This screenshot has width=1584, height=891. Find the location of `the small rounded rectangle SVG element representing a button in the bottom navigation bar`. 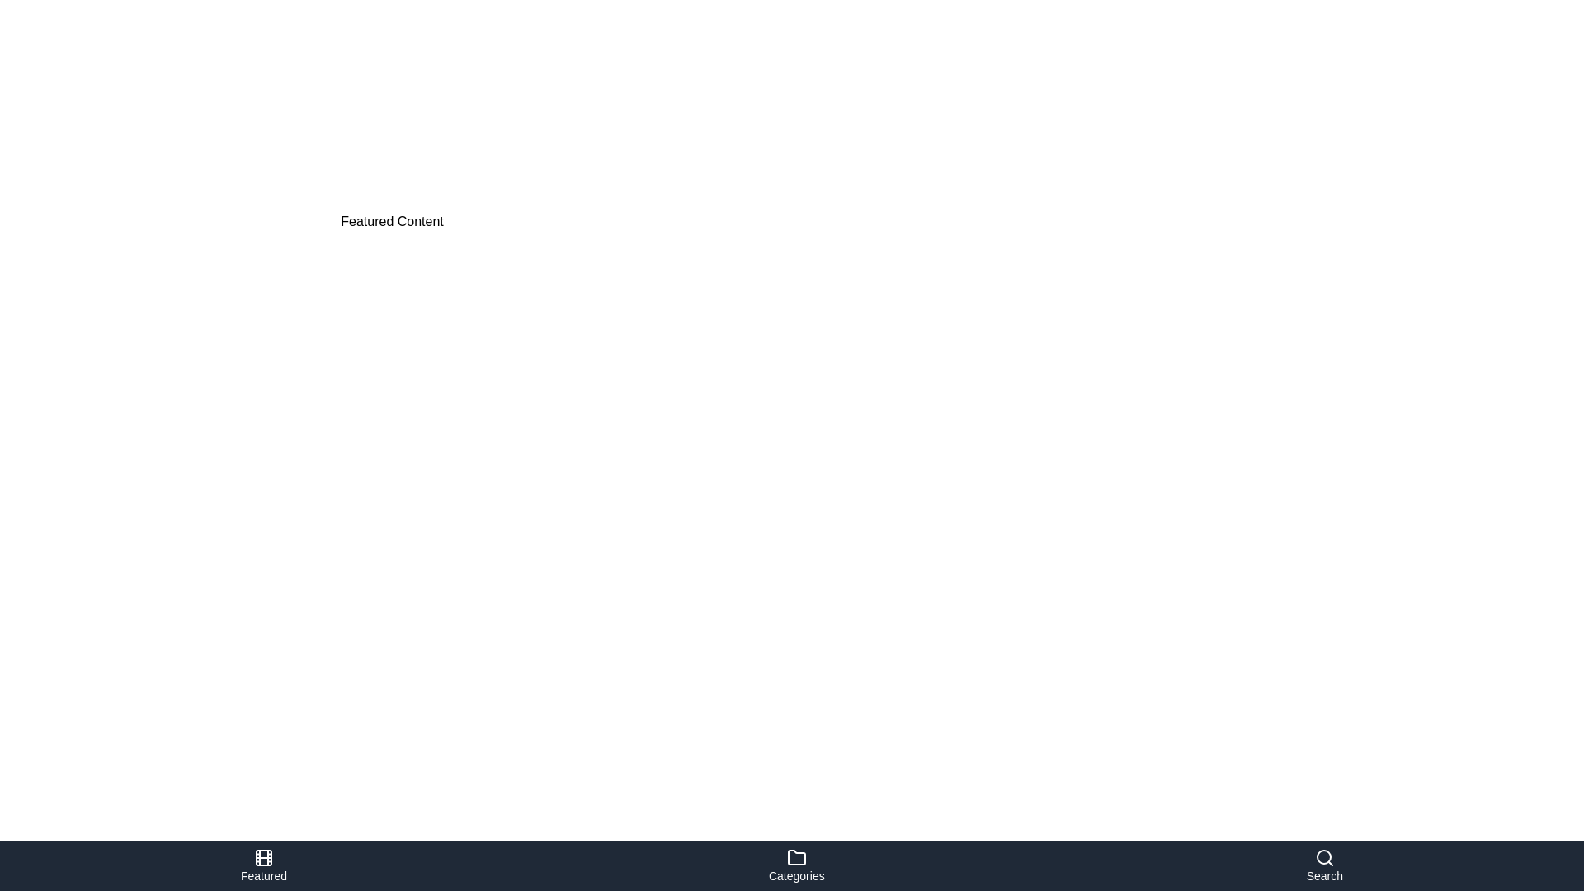

the small rounded rectangle SVG element representing a button in the bottom navigation bar is located at coordinates (264, 857).